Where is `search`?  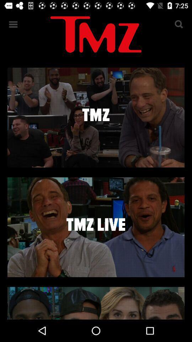
search is located at coordinates (178, 24).